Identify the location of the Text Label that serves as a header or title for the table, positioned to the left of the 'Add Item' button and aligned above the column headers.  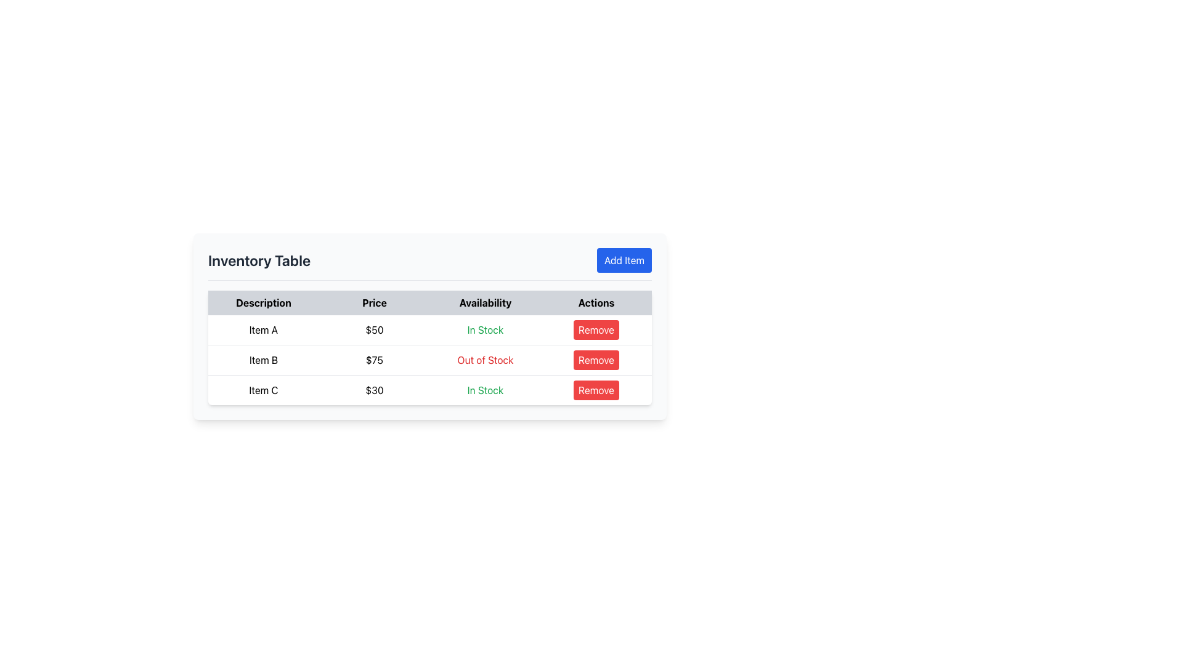
(259, 260).